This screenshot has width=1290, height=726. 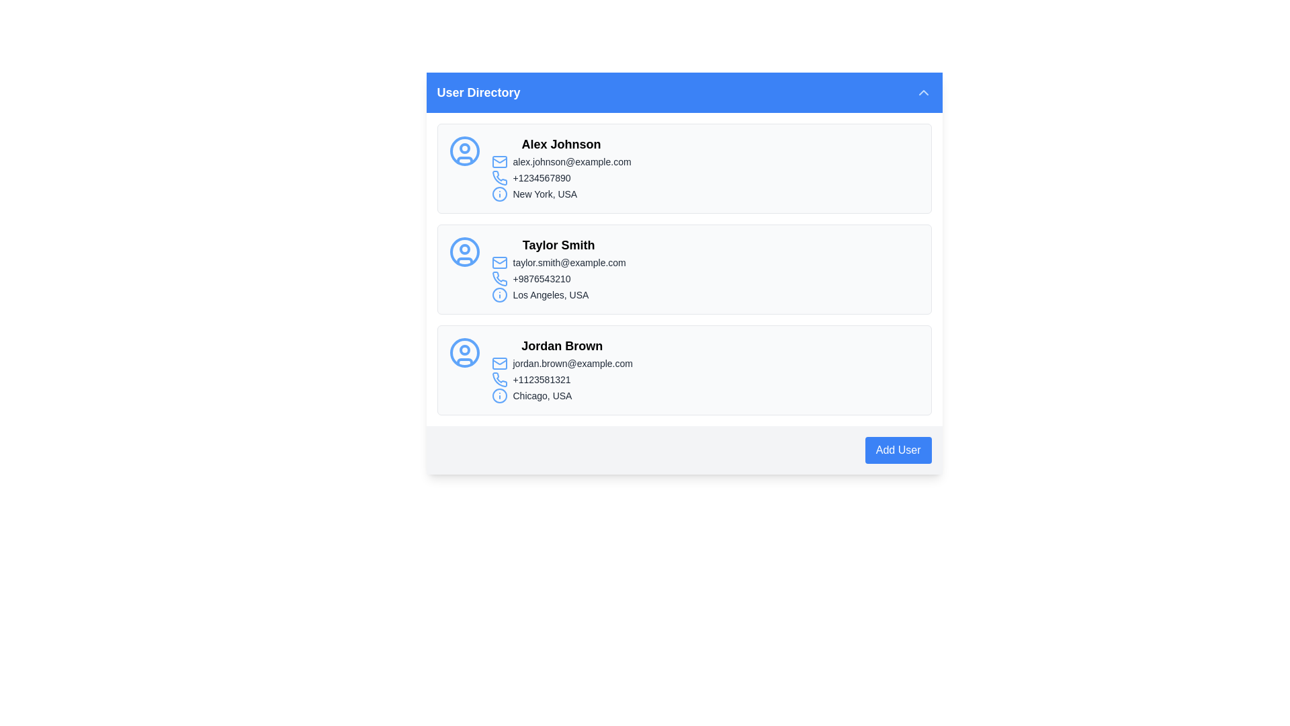 I want to click on the email envelope icon associated with the contact information for 'Taylor Smith', so click(x=499, y=262).